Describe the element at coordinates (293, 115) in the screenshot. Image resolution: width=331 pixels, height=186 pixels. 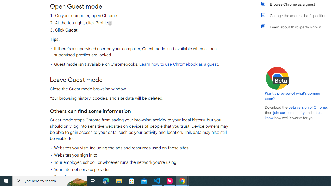
I see `'let us know'` at that location.